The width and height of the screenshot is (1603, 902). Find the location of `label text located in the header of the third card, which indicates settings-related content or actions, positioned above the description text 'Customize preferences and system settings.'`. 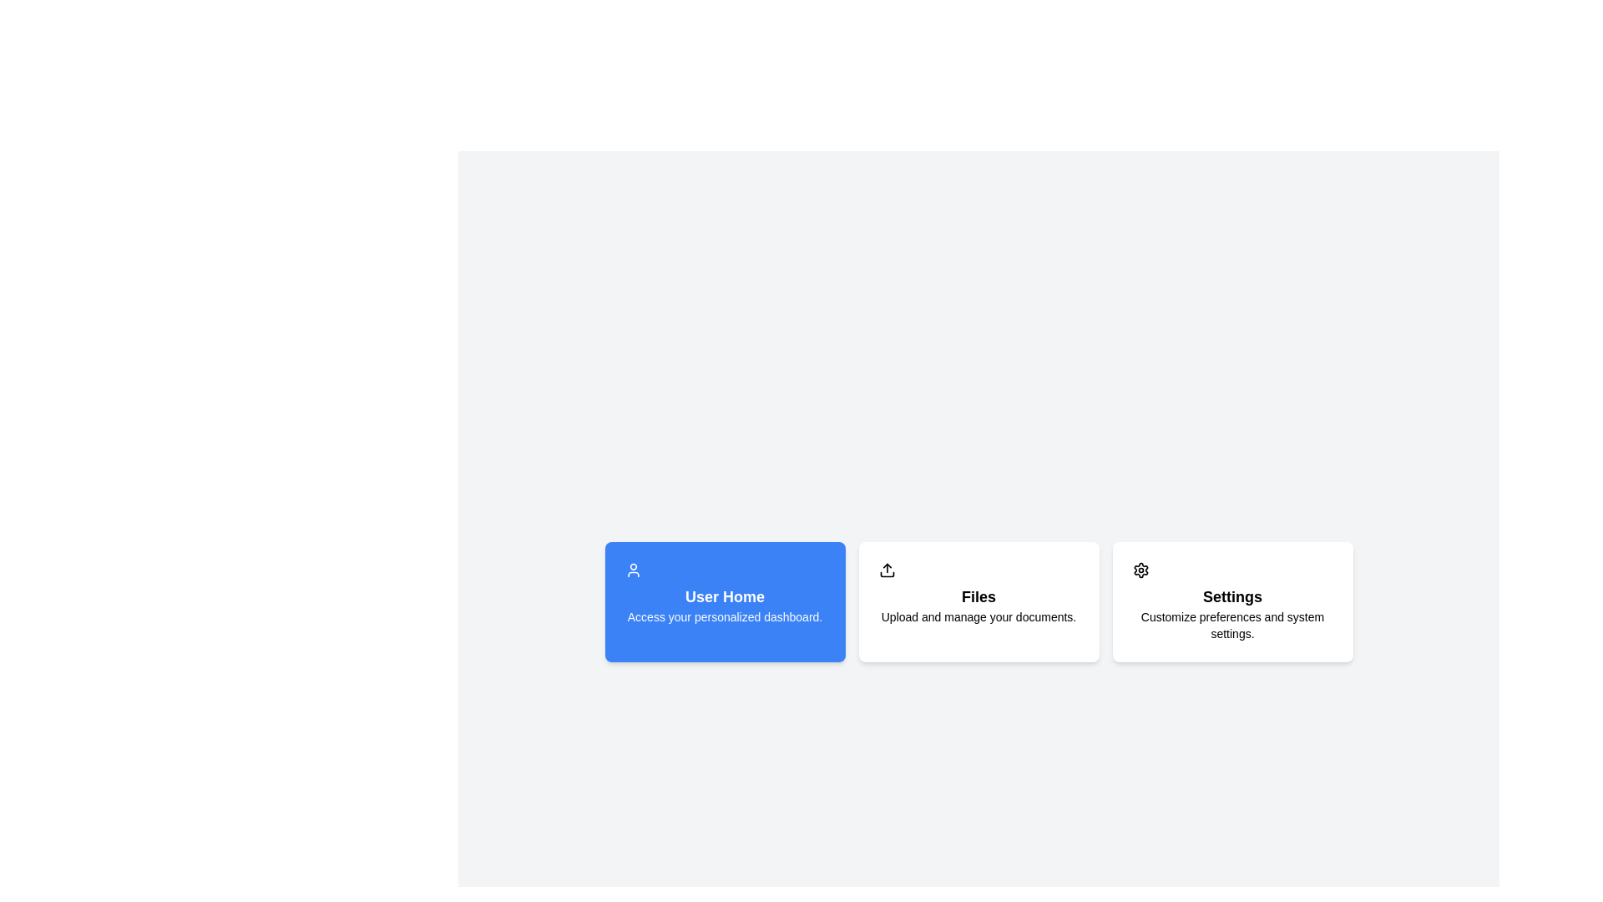

label text located in the header of the third card, which indicates settings-related content or actions, positioned above the description text 'Customize preferences and system settings.' is located at coordinates (1232, 595).